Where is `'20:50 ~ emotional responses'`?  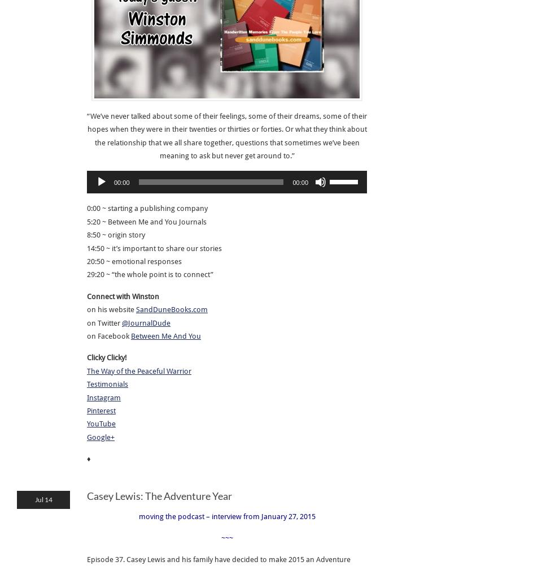 '20:50 ~ emotional responses' is located at coordinates (134, 261).